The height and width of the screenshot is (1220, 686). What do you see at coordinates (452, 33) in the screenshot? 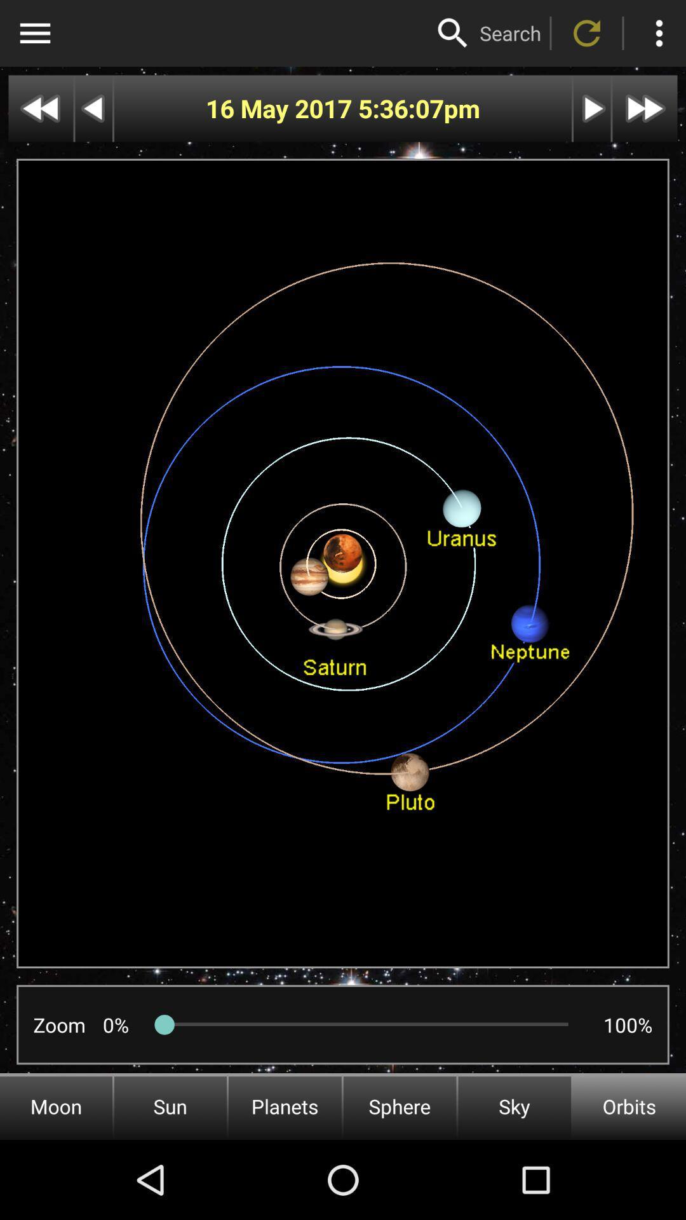
I see `item to the left of the search` at bounding box center [452, 33].